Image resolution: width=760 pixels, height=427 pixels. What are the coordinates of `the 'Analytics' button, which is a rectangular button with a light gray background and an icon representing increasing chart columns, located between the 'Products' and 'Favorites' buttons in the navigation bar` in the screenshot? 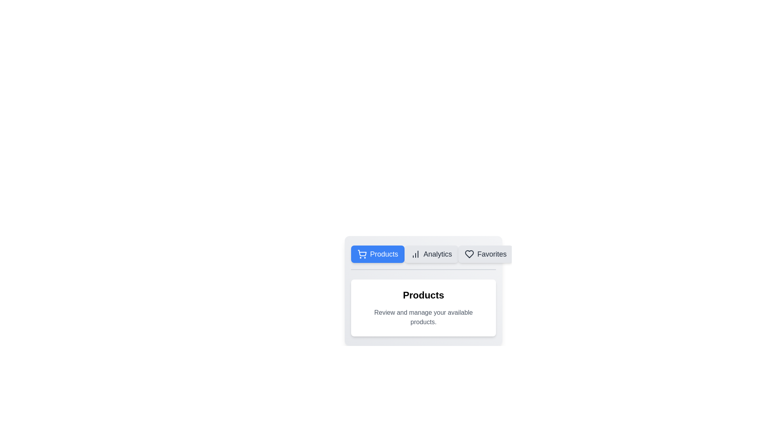 It's located at (431, 254).